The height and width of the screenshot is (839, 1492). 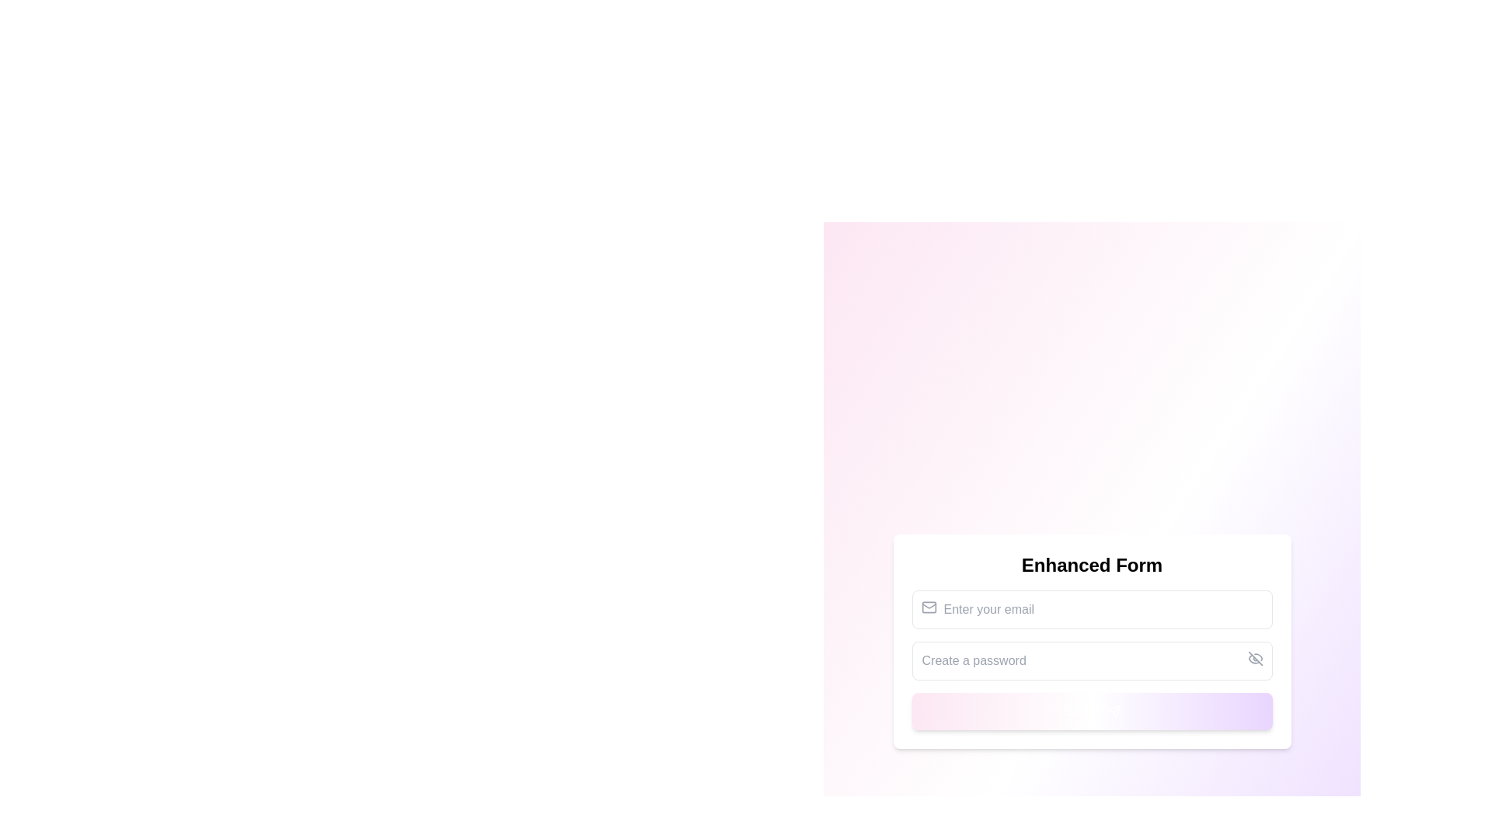 I want to click on the 'toggle visibility' icon represented by a diagonal line, which visually resembles an 'eye with a slash', located within the password input field, so click(x=1255, y=659).